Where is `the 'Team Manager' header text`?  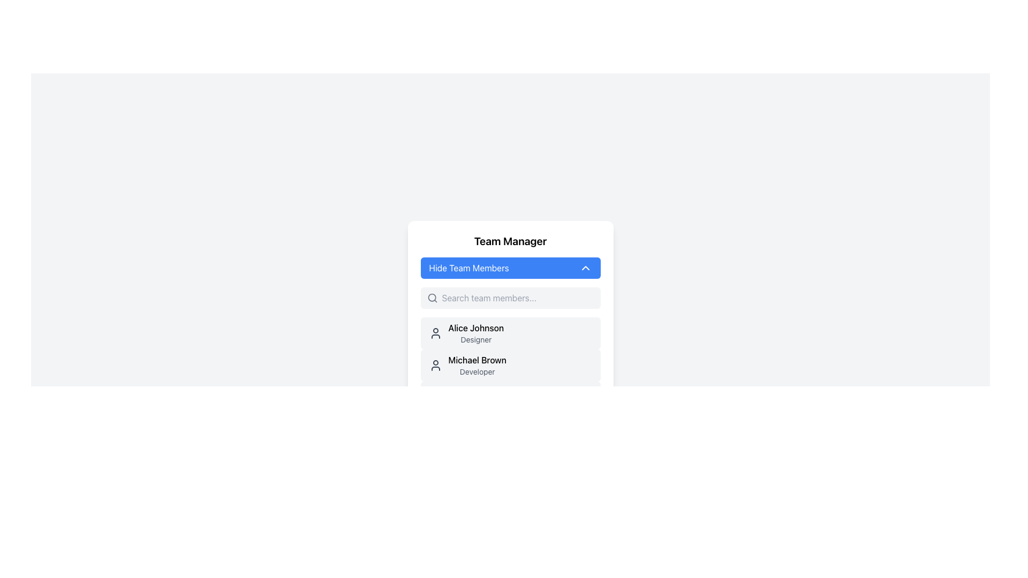
the 'Team Manager' header text is located at coordinates (510, 241).